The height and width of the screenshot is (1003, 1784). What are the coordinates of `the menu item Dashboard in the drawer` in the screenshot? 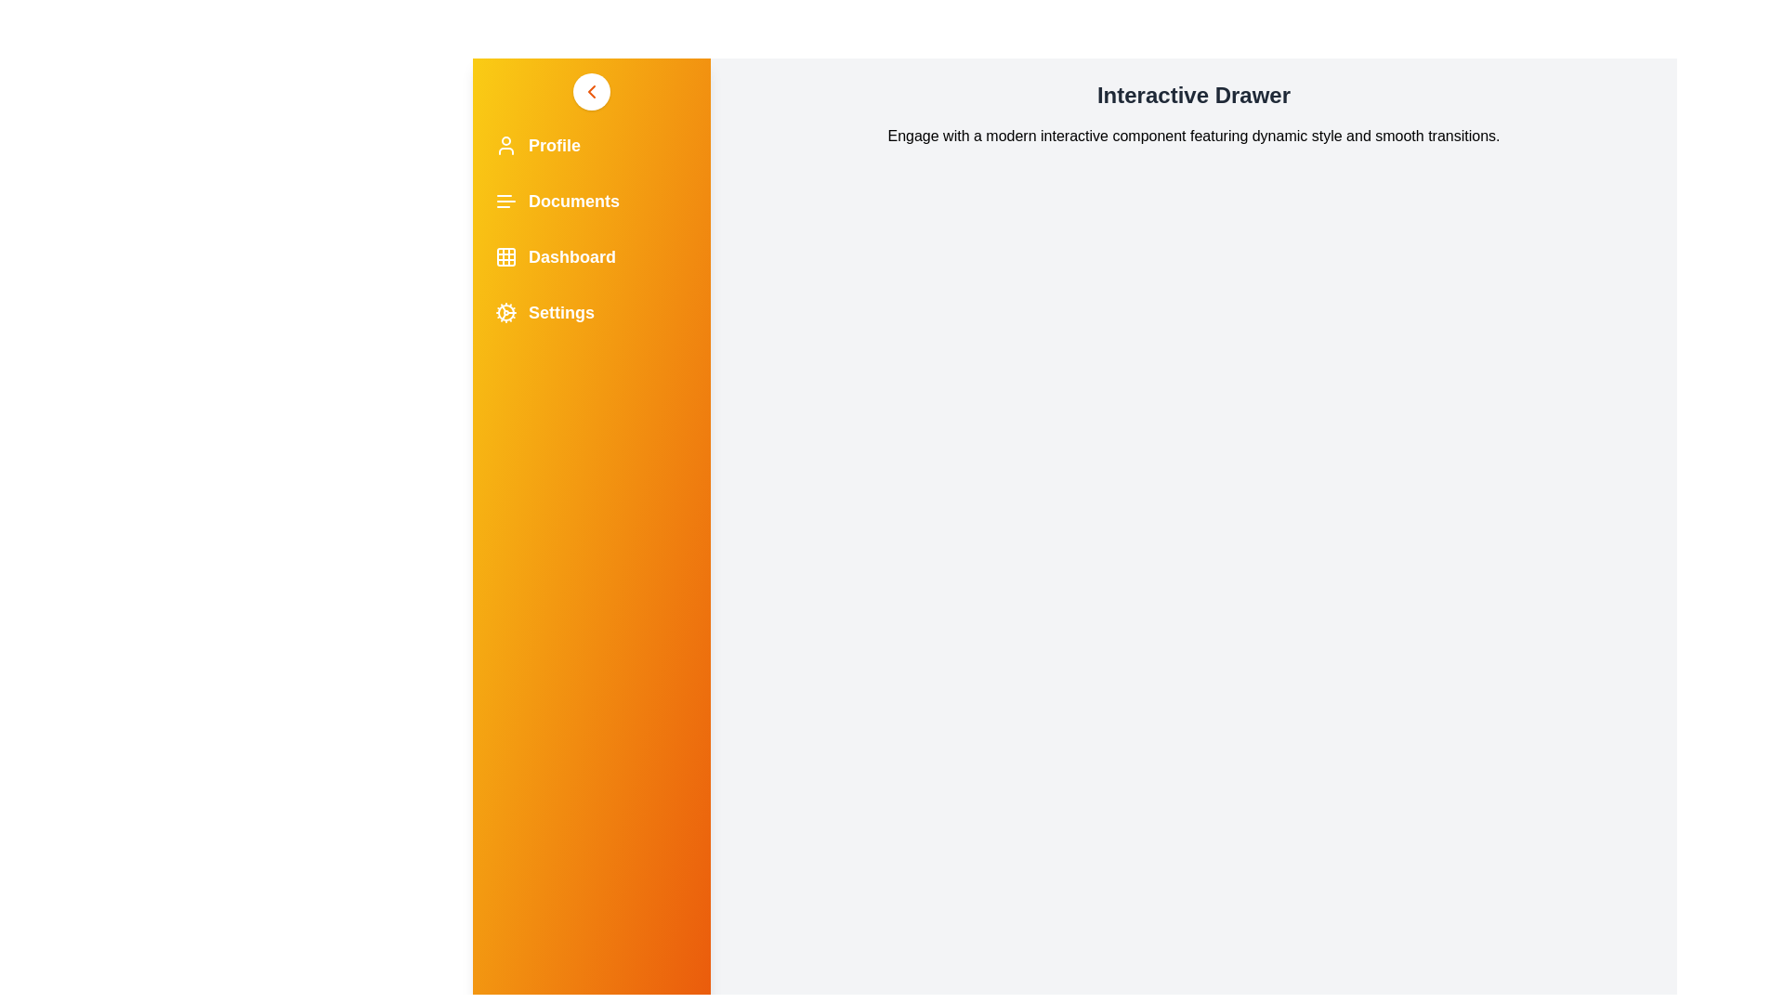 It's located at (591, 257).